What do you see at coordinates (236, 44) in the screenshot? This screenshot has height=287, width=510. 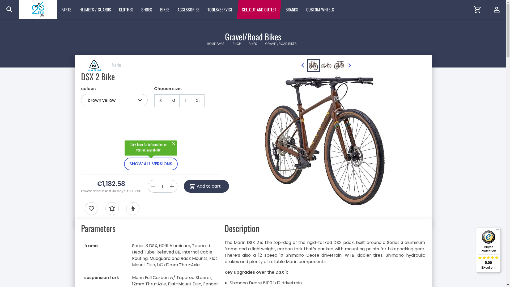 I see `'SHOP'` at bounding box center [236, 44].